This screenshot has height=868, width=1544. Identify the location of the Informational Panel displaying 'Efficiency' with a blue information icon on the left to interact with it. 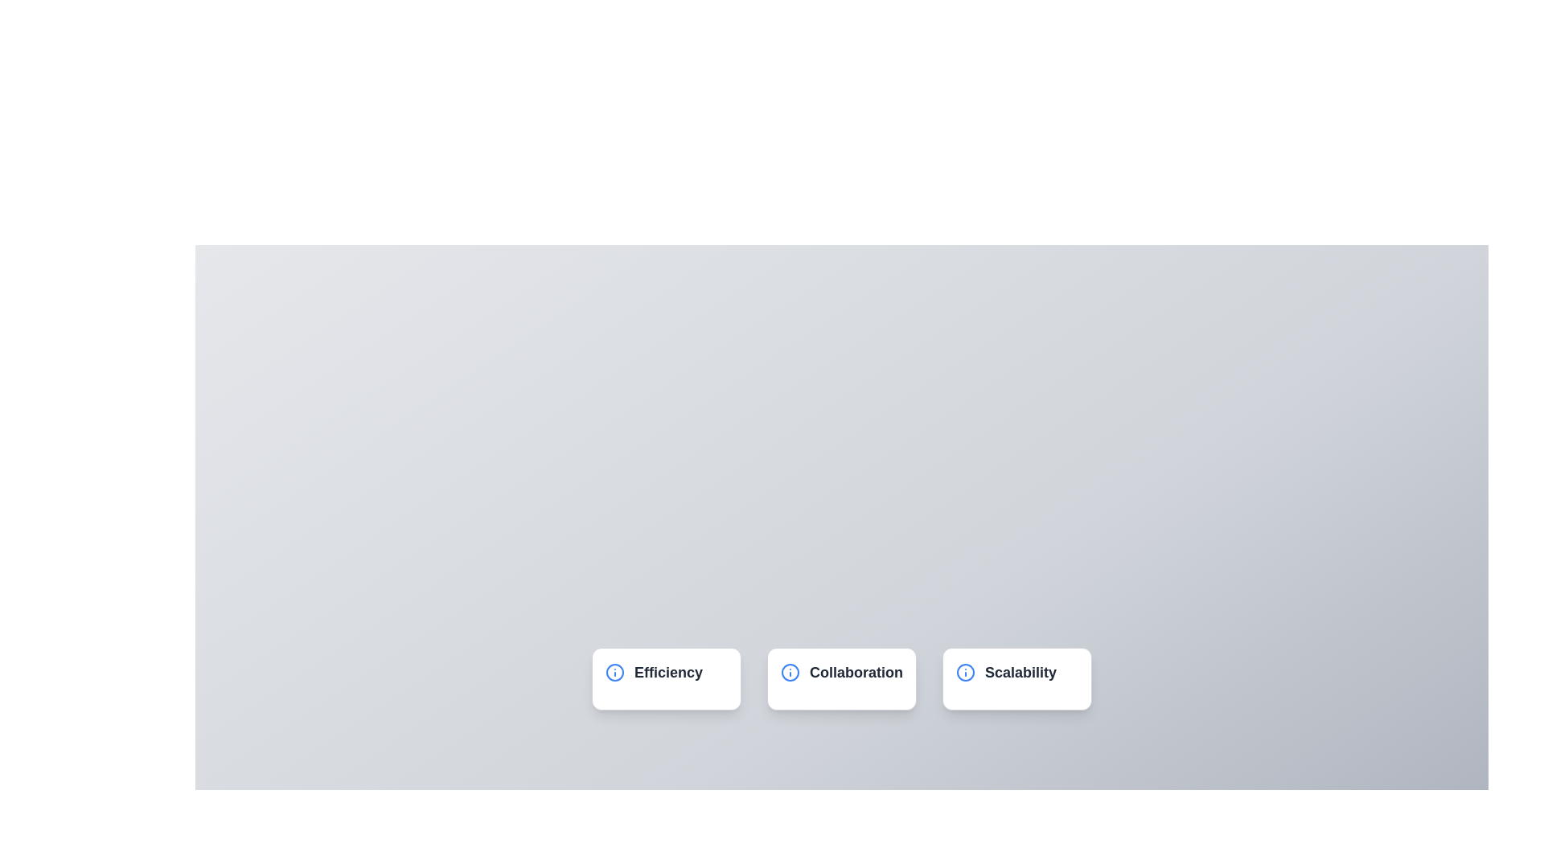
(667, 678).